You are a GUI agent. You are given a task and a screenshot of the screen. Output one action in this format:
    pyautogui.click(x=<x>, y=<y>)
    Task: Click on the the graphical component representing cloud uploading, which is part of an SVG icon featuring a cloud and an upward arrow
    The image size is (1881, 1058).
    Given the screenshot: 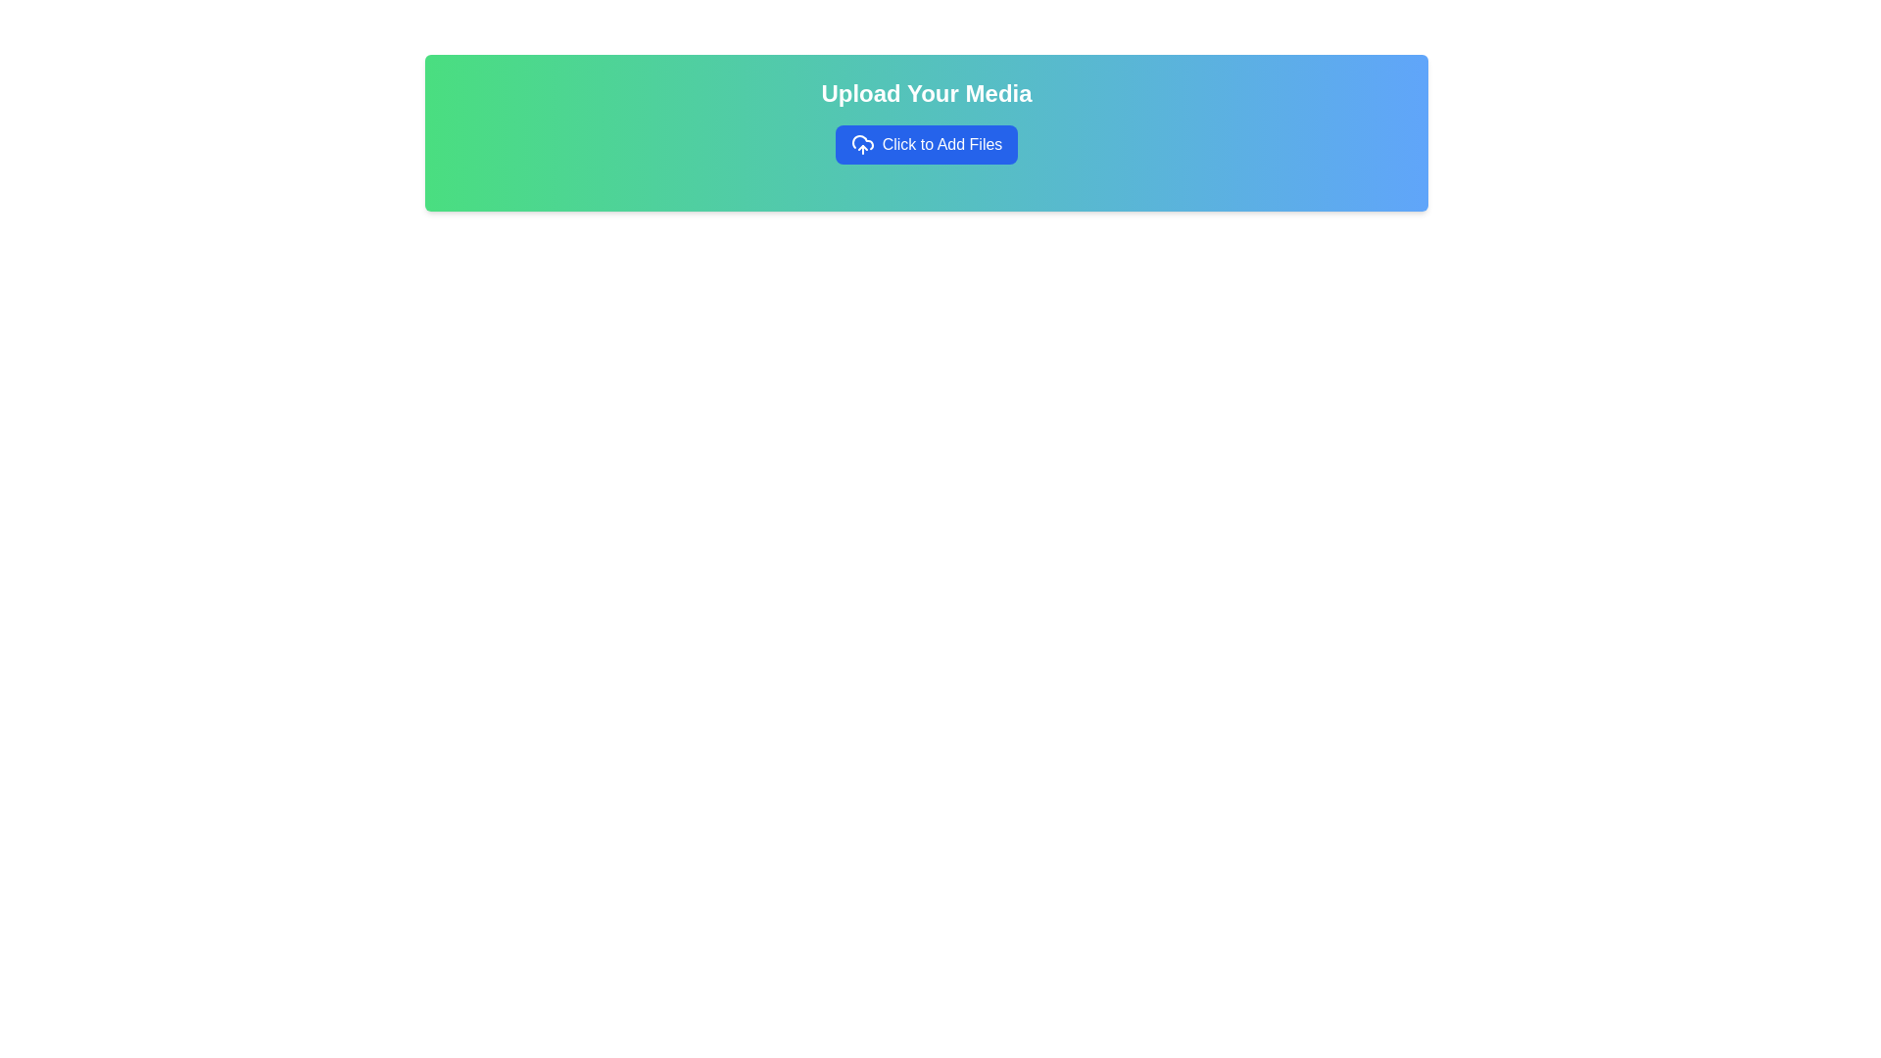 What is the action you would take?
    pyautogui.click(x=862, y=141)
    